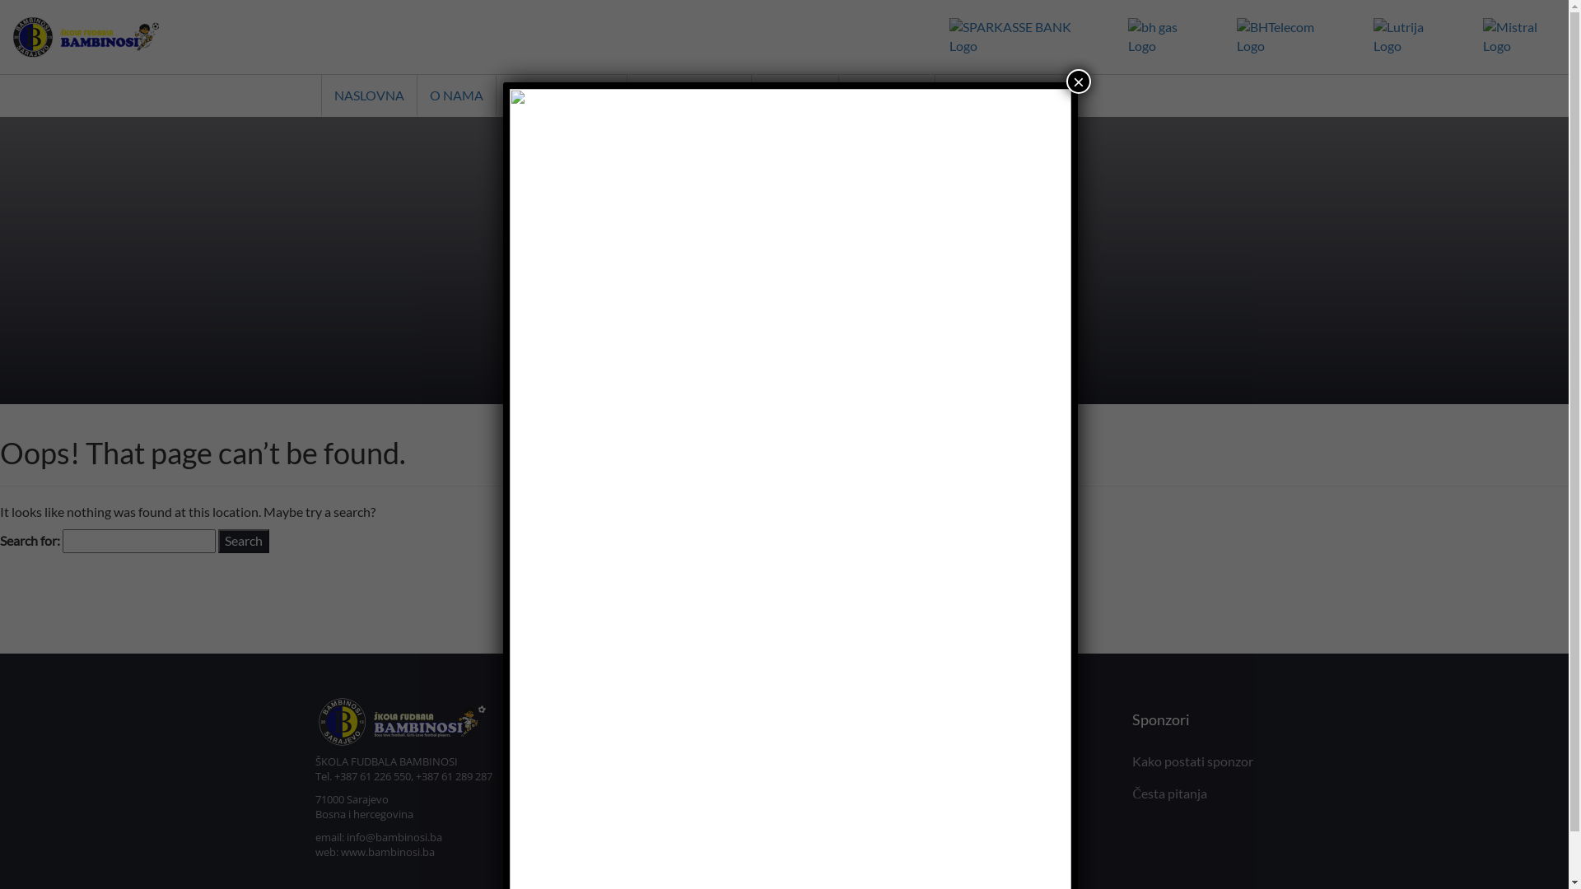  What do you see at coordinates (750, 95) in the screenshot?
I see `'KONTAKT'` at bounding box center [750, 95].